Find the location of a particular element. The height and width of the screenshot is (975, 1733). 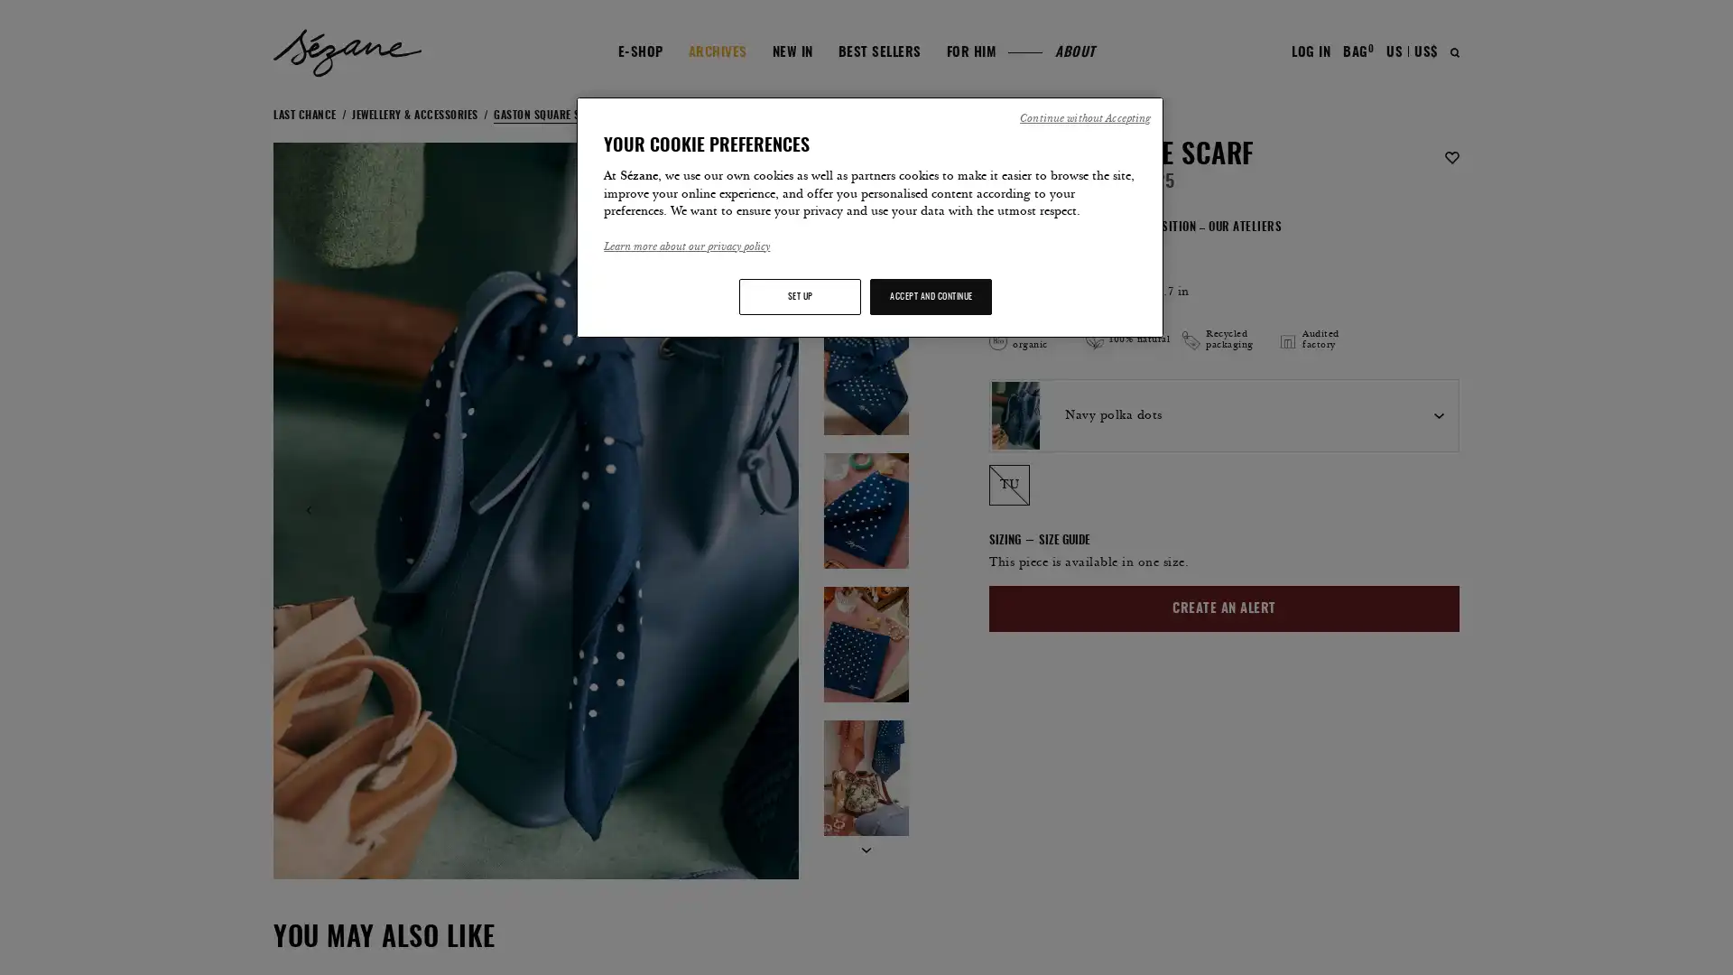

SIZE GUIDE is located at coordinates (1058, 540).